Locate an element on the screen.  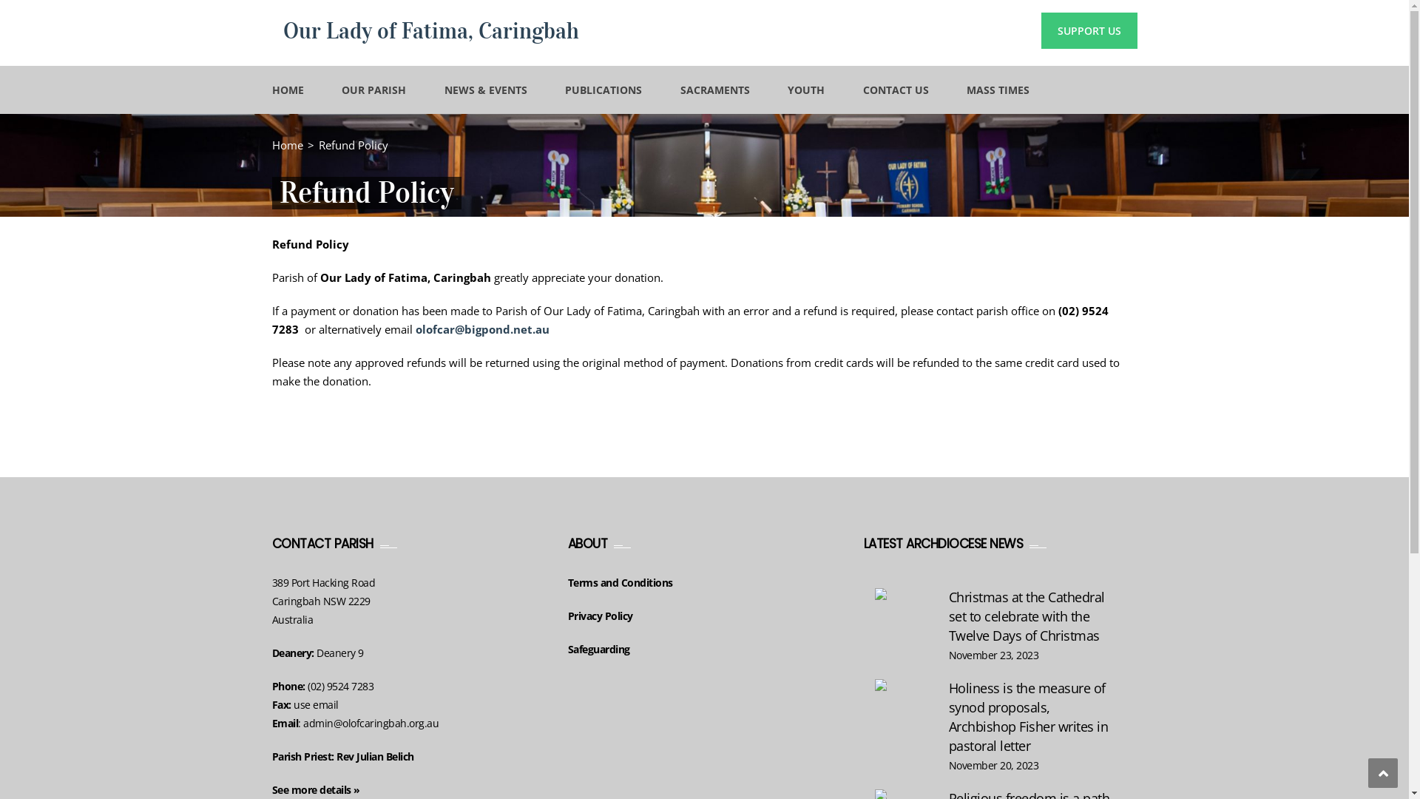
'Terms and Conditions' is located at coordinates (567, 581).